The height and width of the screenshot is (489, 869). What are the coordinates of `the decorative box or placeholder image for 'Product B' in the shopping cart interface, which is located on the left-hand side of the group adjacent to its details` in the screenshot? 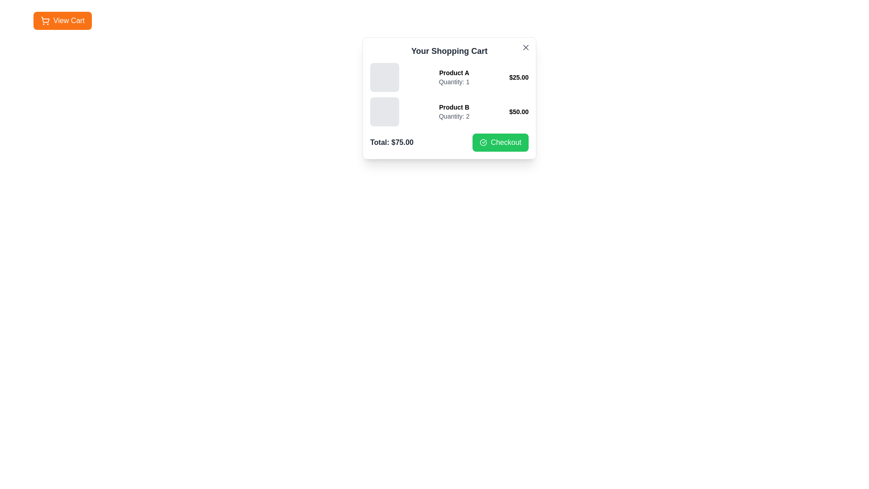 It's located at (384, 111).